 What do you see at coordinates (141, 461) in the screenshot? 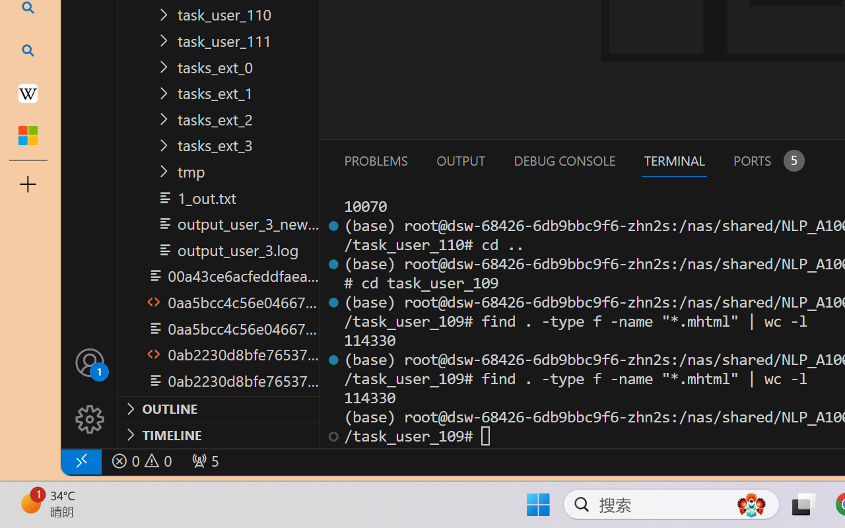
I see `'No Problems'` at bounding box center [141, 461].